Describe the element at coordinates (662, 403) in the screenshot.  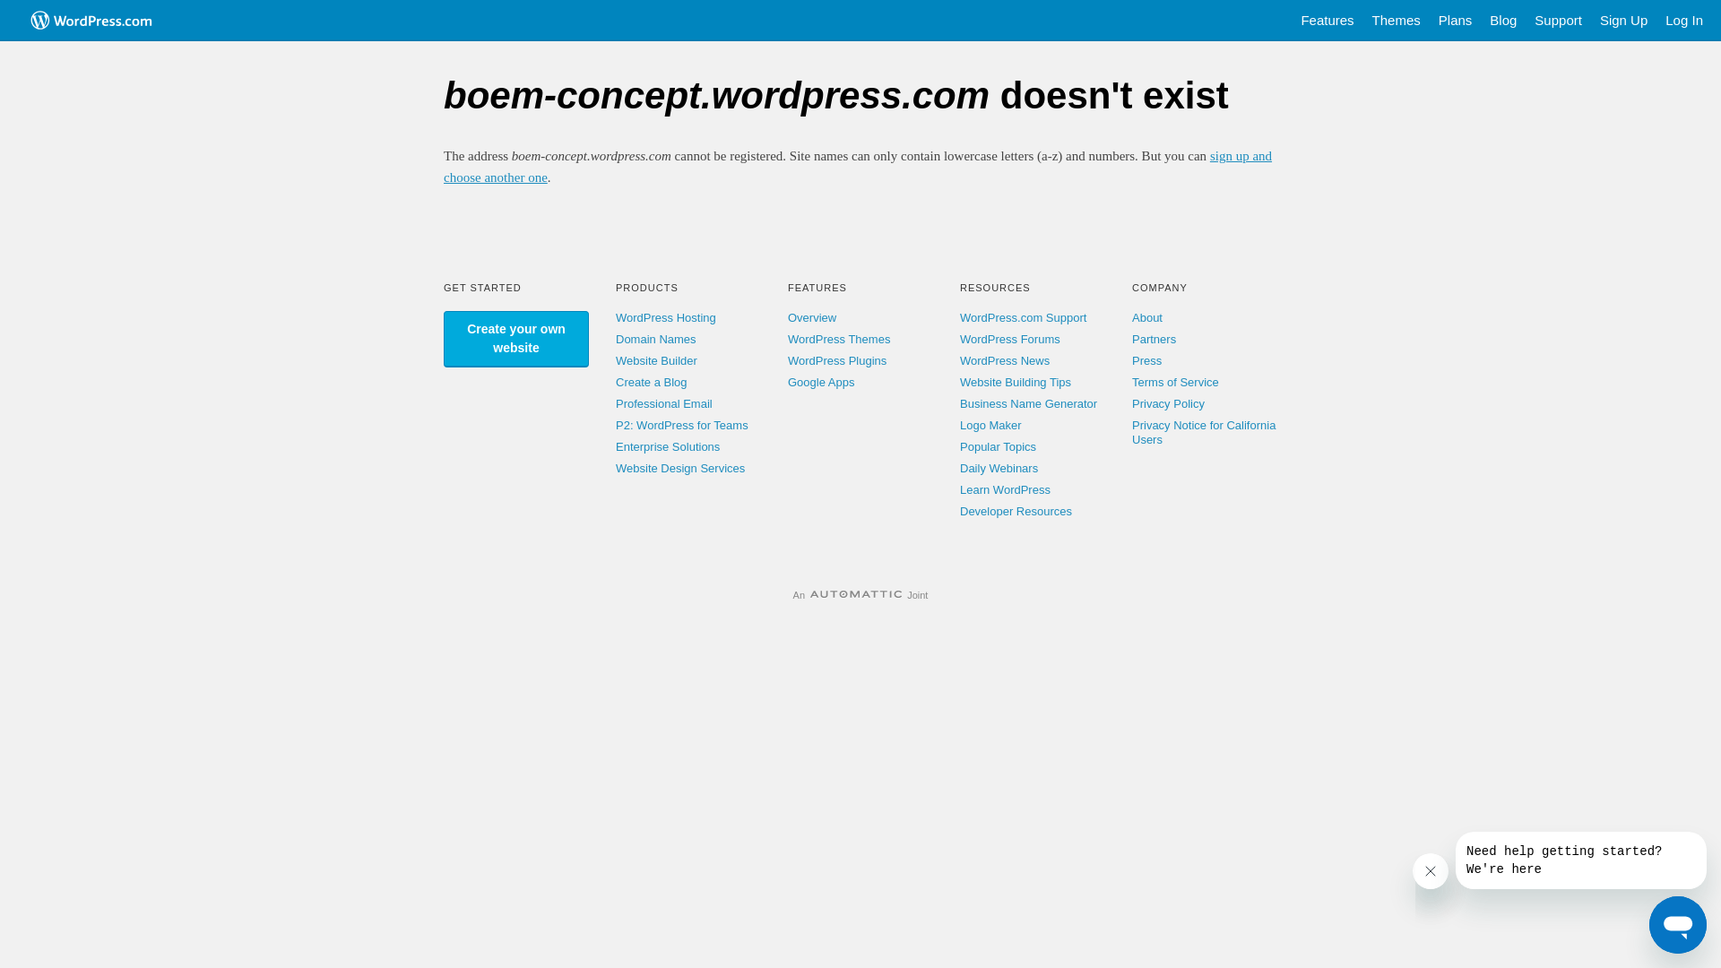
I see `'Professional Email'` at that location.